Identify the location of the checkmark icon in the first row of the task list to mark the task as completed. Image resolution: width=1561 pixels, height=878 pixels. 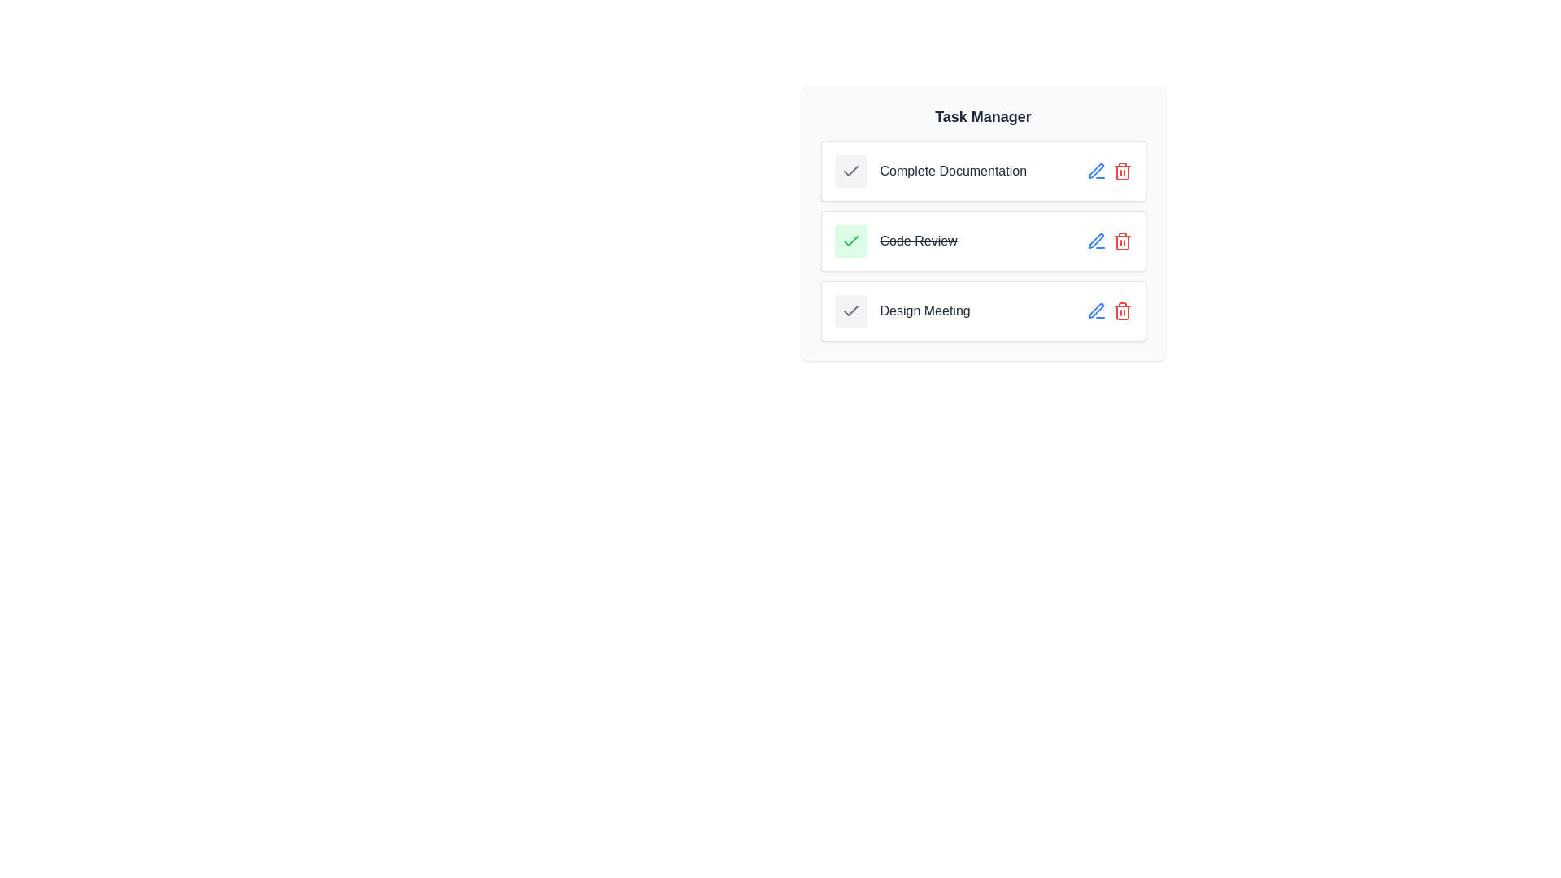
(982, 172).